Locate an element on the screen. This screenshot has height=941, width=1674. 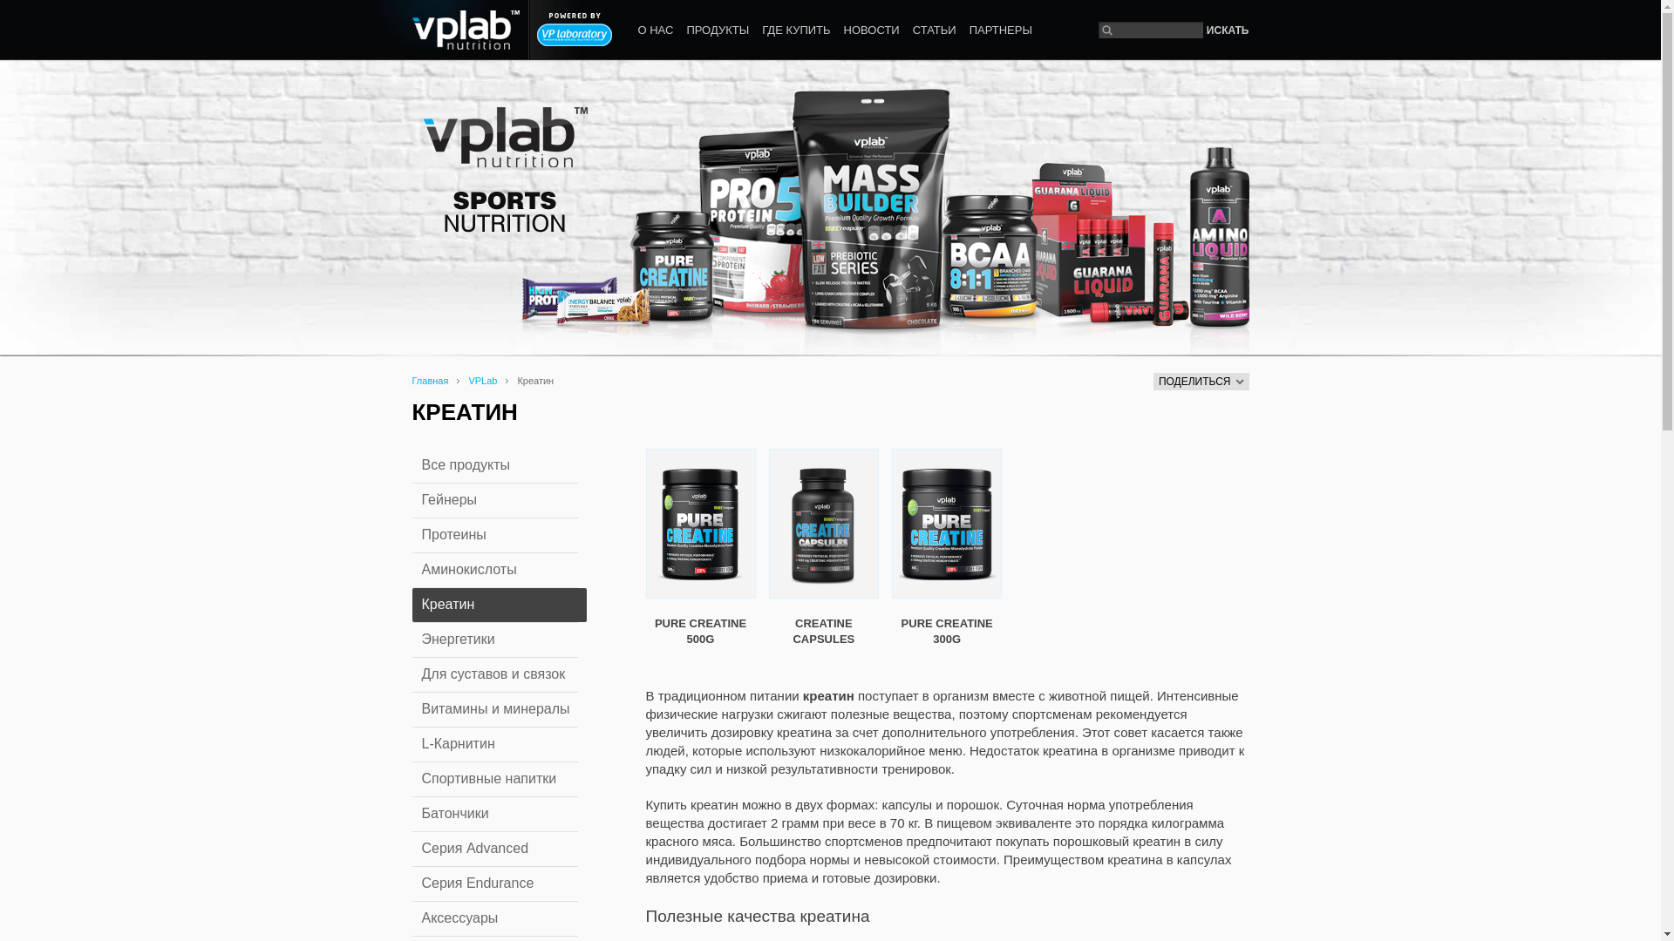
'vplab nutrition' is located at coordinates (442, 30).